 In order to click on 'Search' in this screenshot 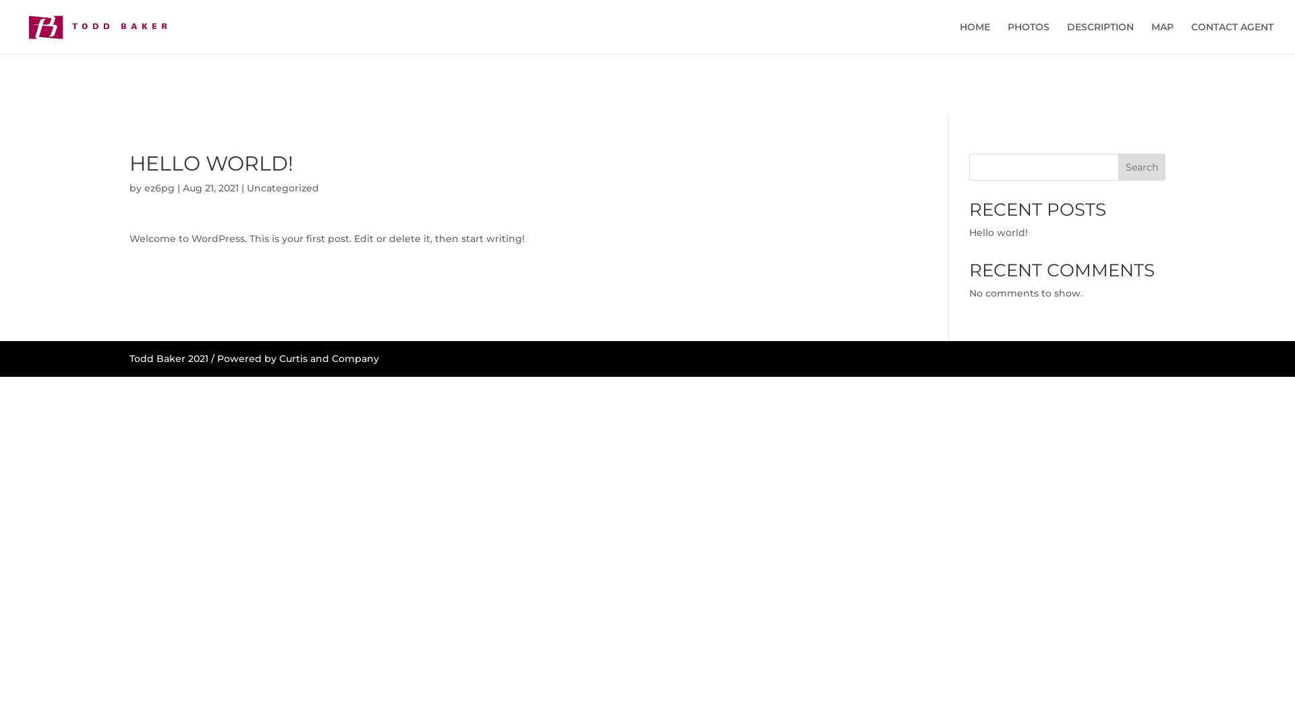, I will do `click(1141, 166)`.